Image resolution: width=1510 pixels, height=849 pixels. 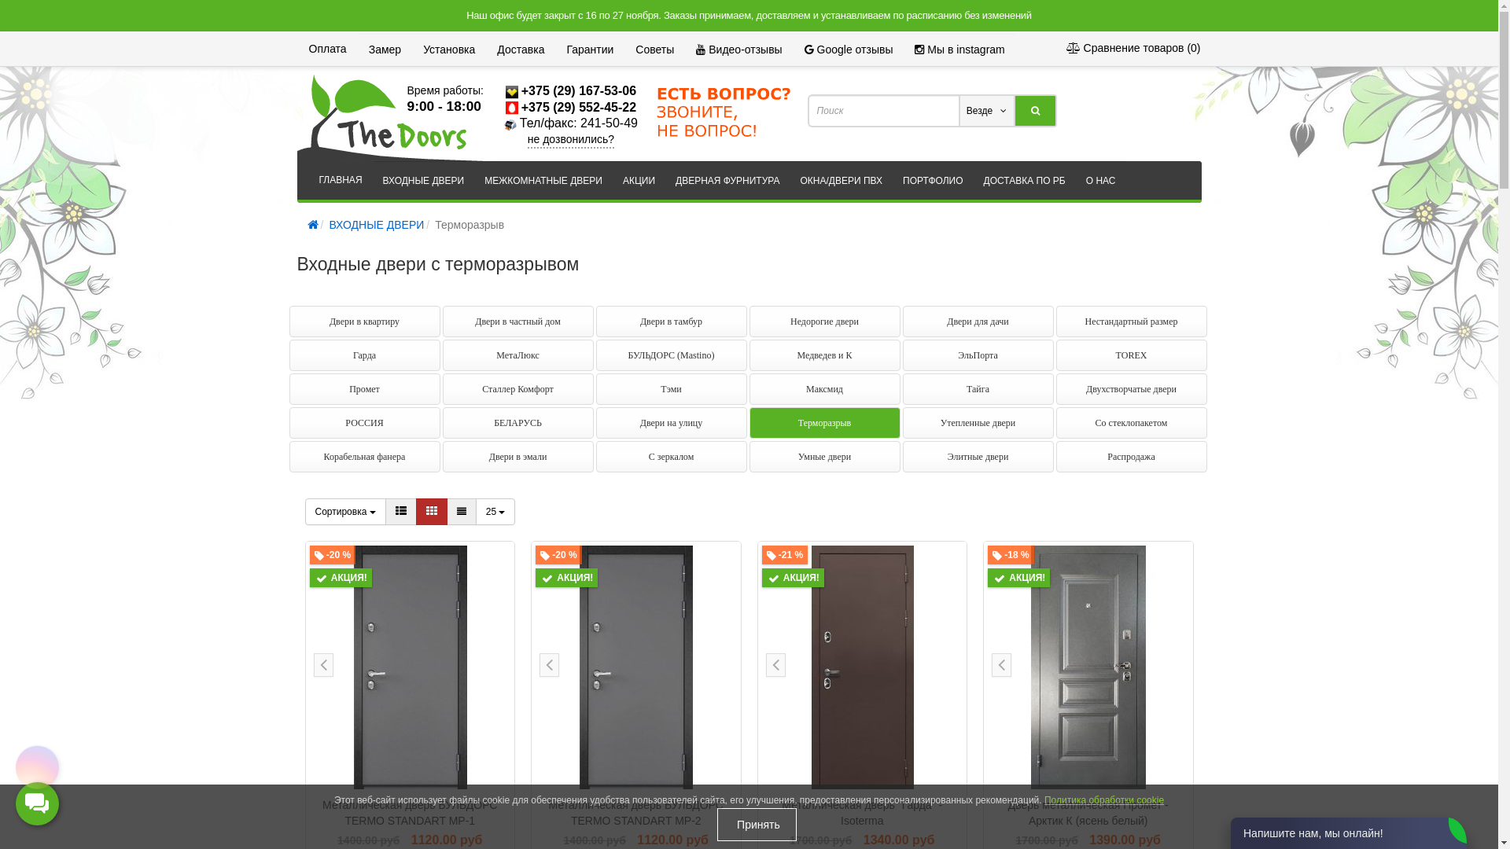 I want to click on 'TOREX', so click(x=1130, y=355).